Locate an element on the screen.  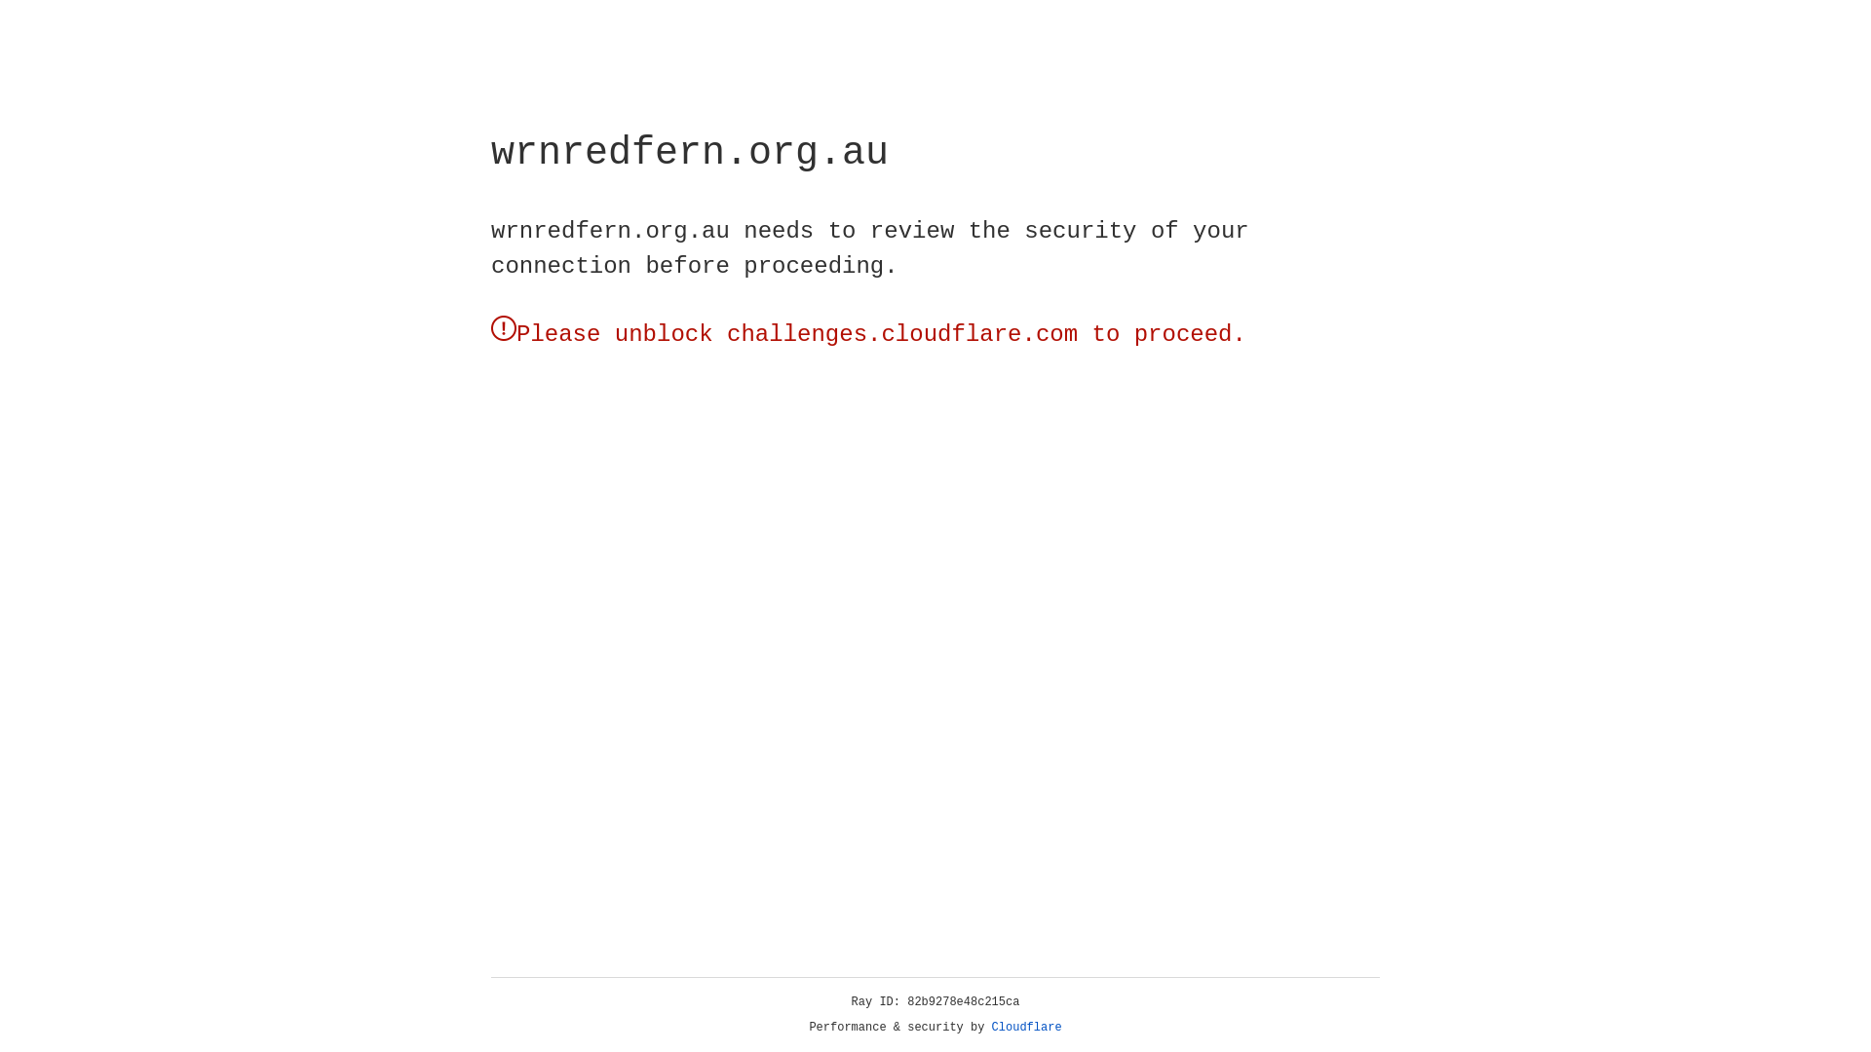
'Cloudflare' is located at coordinates (1026, 1027).